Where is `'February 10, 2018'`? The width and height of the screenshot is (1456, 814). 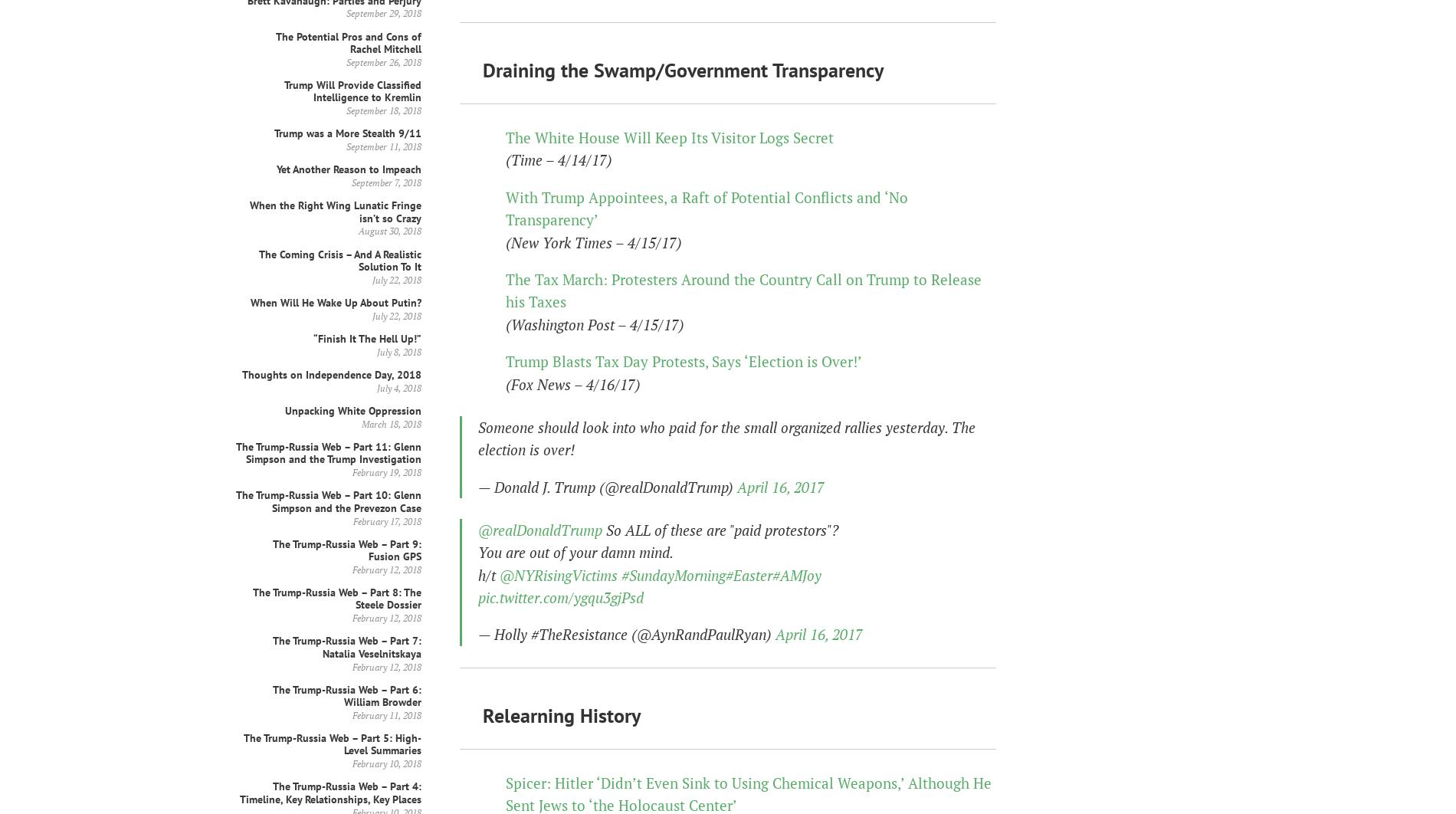
'February 10, 2018' is located at coordinates (387, 763).